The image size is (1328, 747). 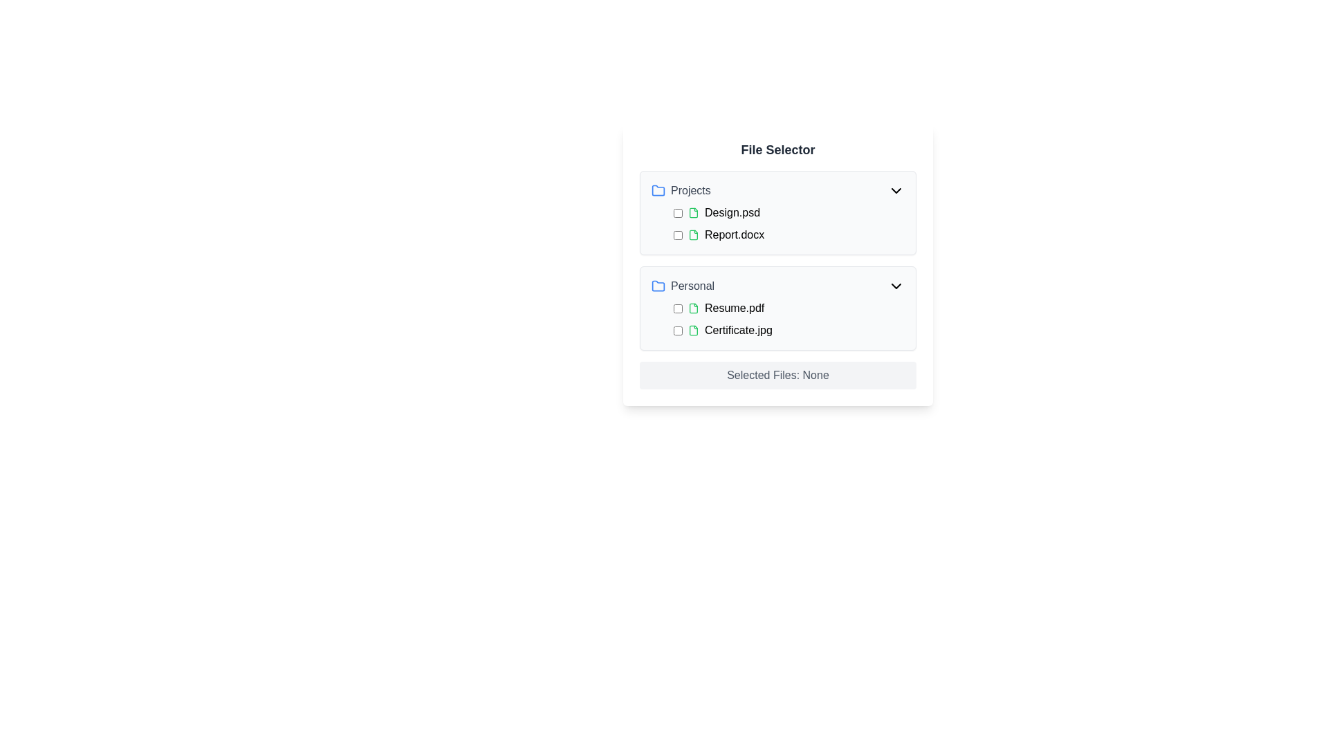 What do you see at coordinates (777, 223) in the screenshot?
I see `the second entry` at bounding box center [777, 223].